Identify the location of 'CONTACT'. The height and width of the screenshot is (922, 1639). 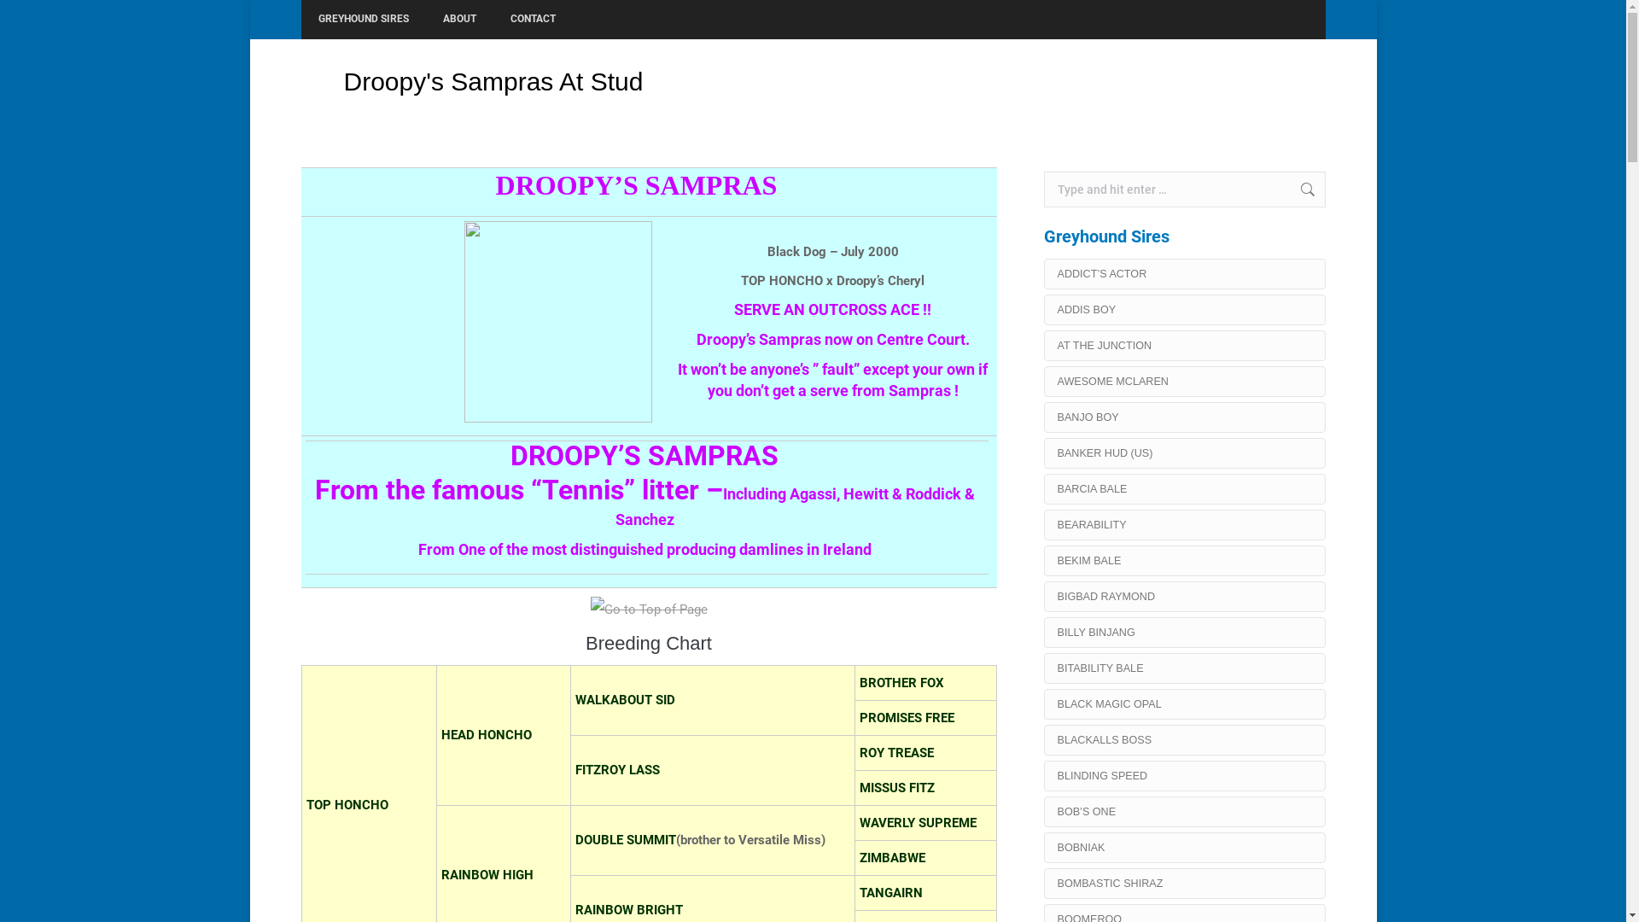
(532, 20).